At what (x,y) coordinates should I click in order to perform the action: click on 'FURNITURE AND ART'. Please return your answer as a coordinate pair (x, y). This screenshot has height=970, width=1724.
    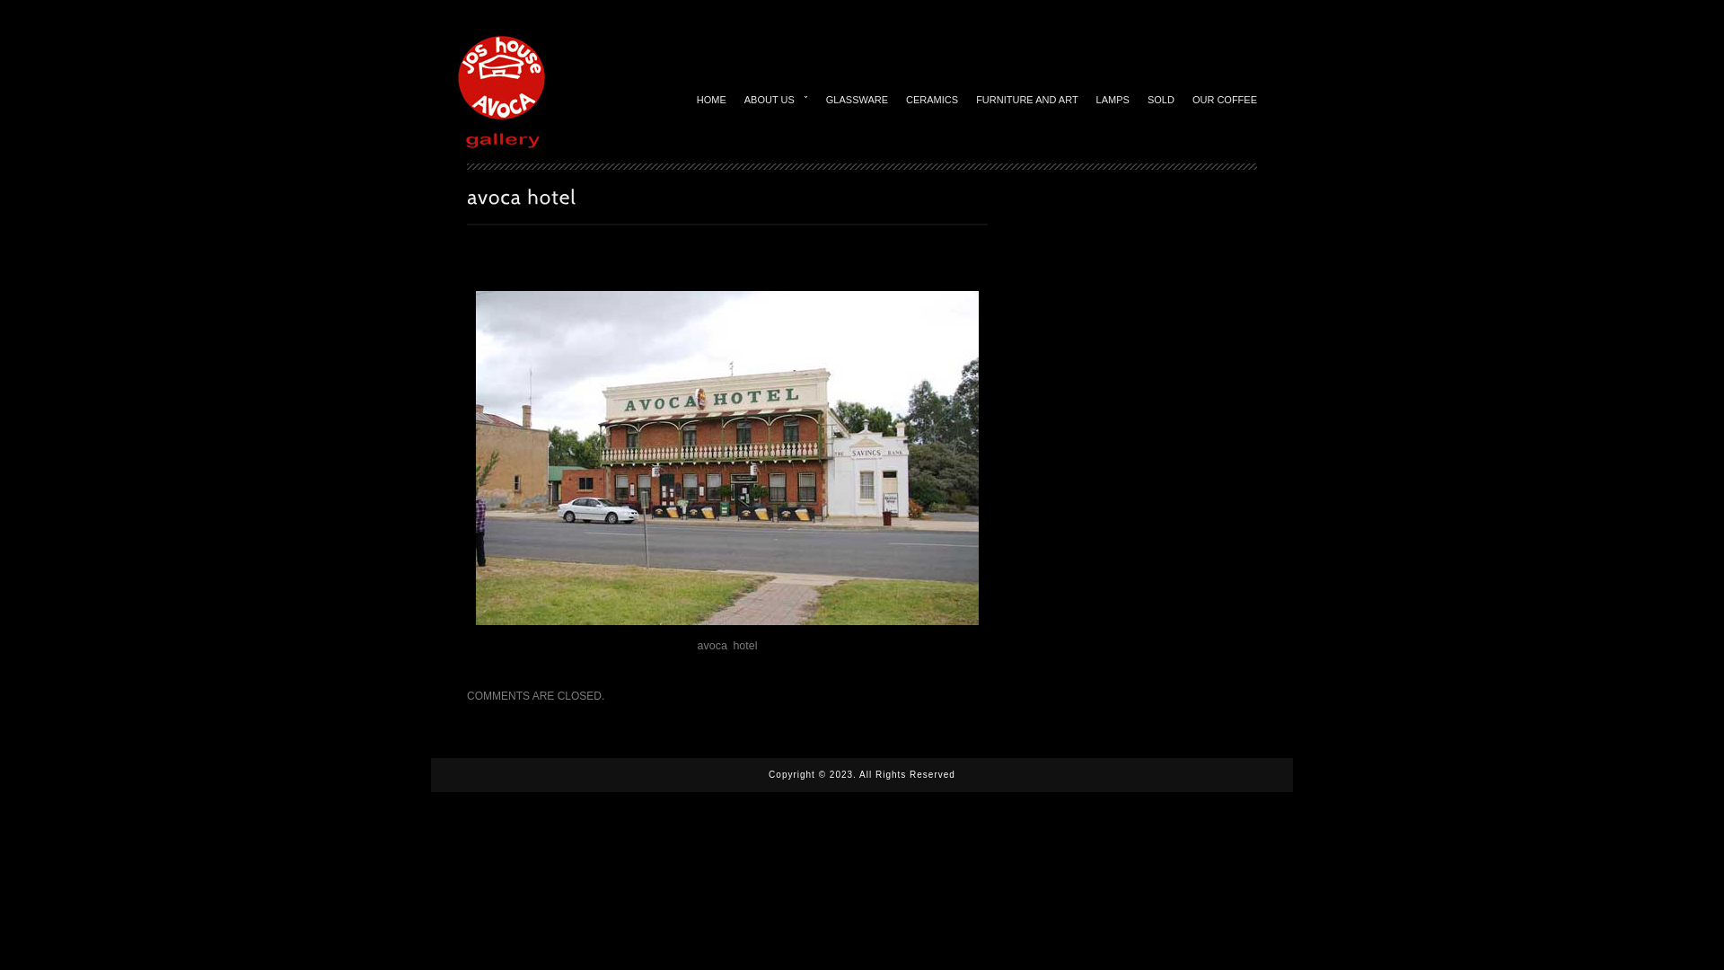
    Looking at the image, I should click on (1026, 97).